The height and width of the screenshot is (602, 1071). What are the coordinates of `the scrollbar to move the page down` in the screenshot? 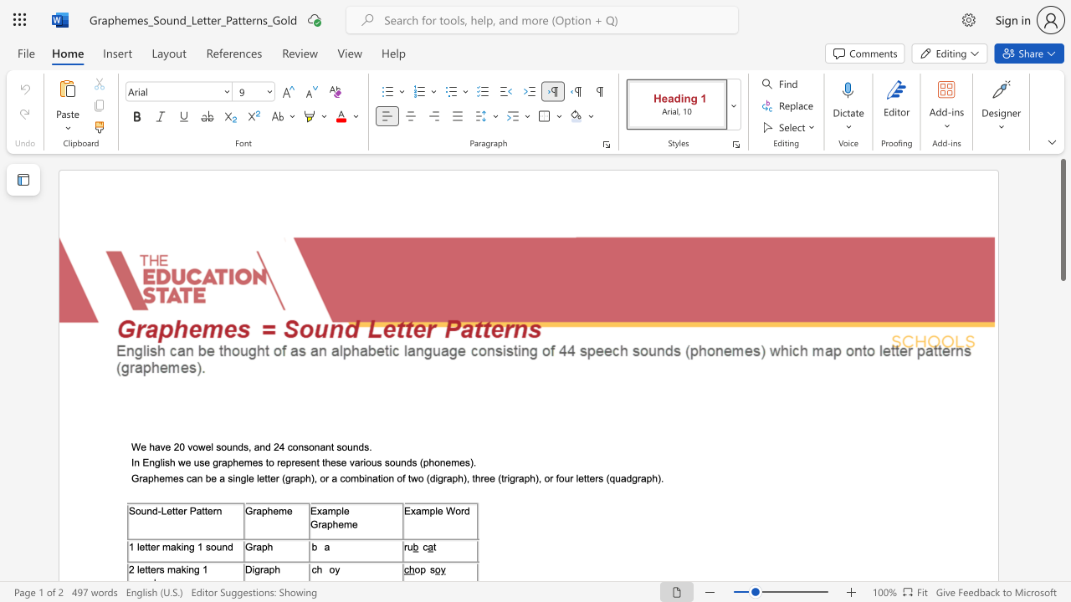 It's located at (1062, 366).